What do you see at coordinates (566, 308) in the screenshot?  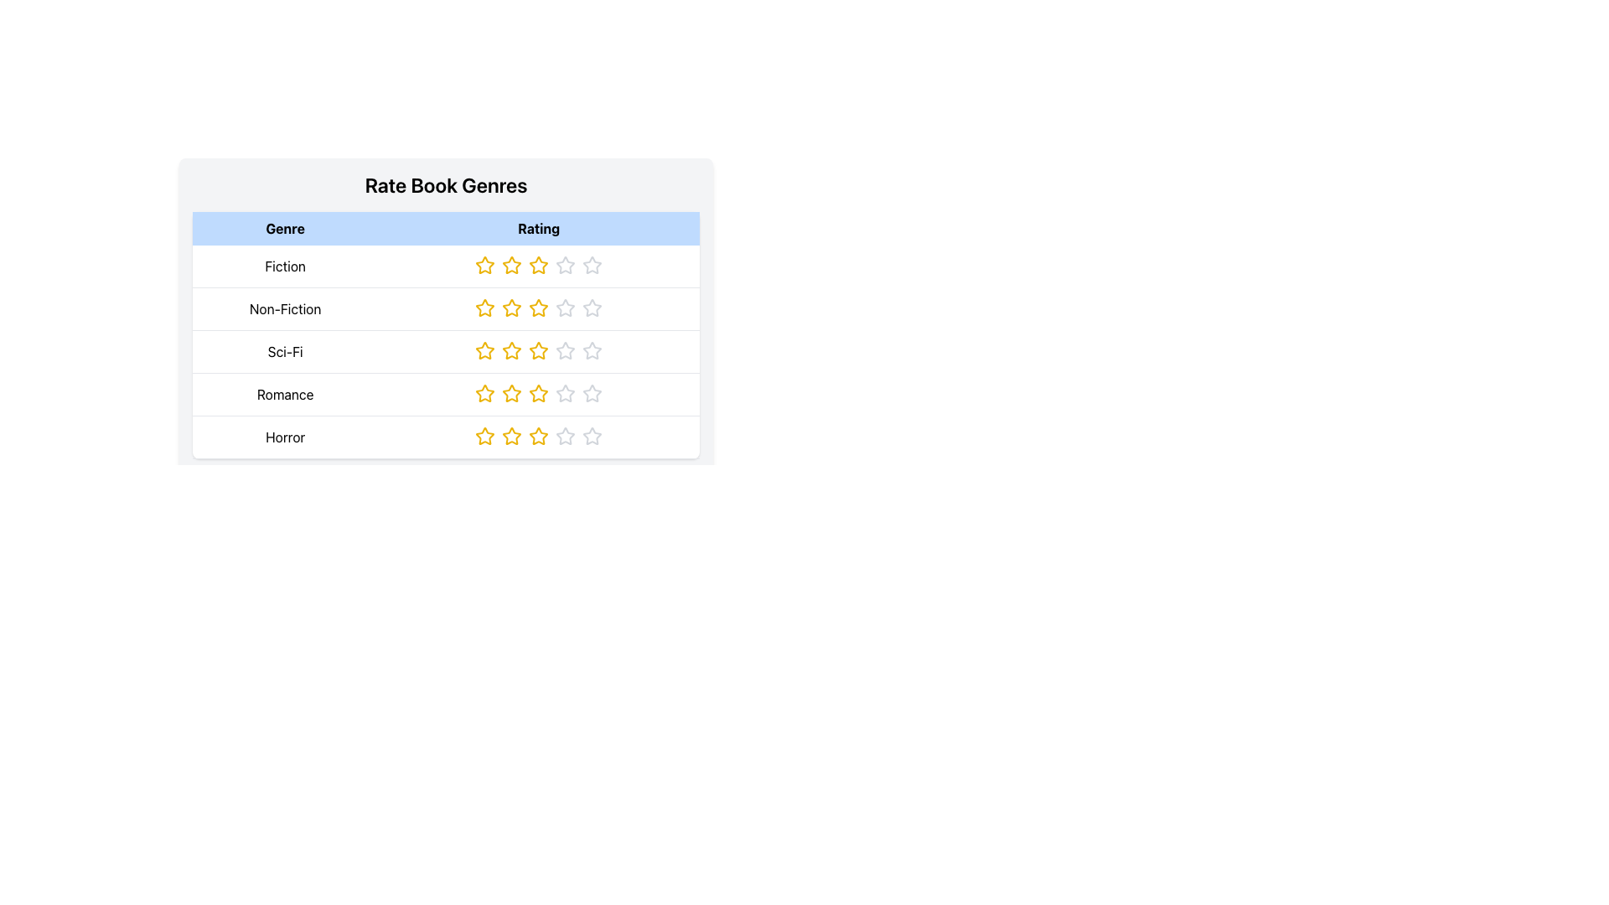 I see `the third star-shaped icon in the second row under the 'Non-Fiction' genre in the 'Rating' column` at bounding box center [566, 308].